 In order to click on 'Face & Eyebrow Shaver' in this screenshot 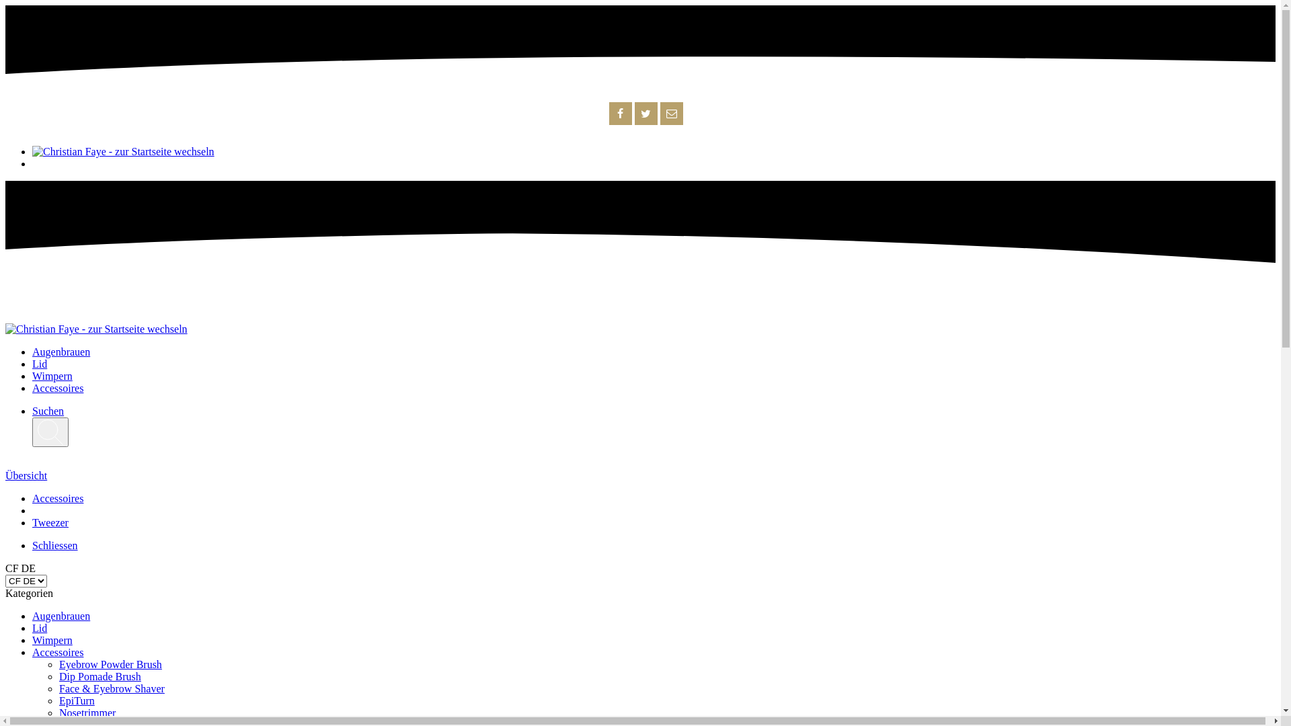, I will do `click(112, 688)`.